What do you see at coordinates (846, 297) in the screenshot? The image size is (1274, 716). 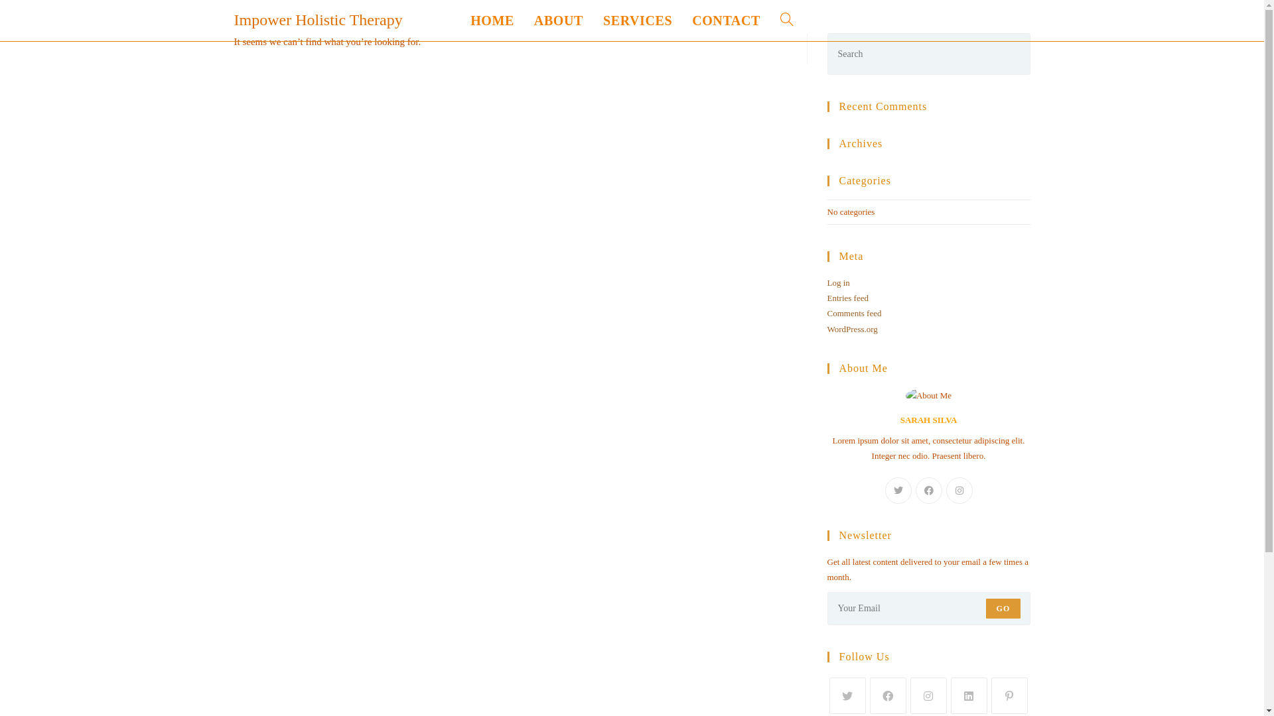 I see `'Entries feed'` at bounding box center [846, 297].